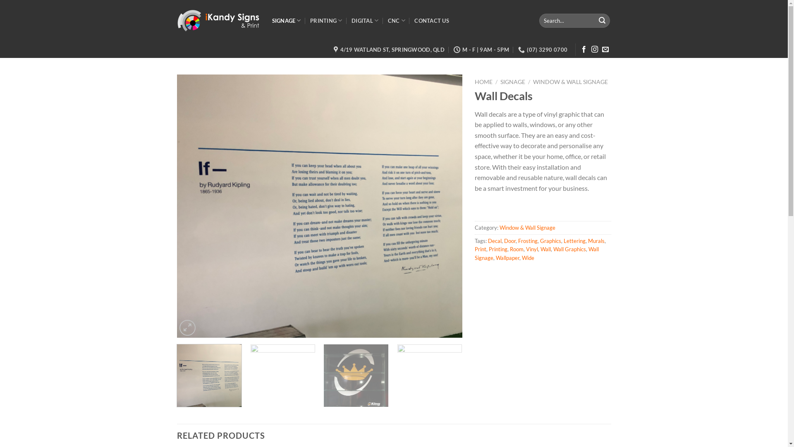 The image size is (794, 447). I want to click on 'DIGITAL', so click(364, 20).